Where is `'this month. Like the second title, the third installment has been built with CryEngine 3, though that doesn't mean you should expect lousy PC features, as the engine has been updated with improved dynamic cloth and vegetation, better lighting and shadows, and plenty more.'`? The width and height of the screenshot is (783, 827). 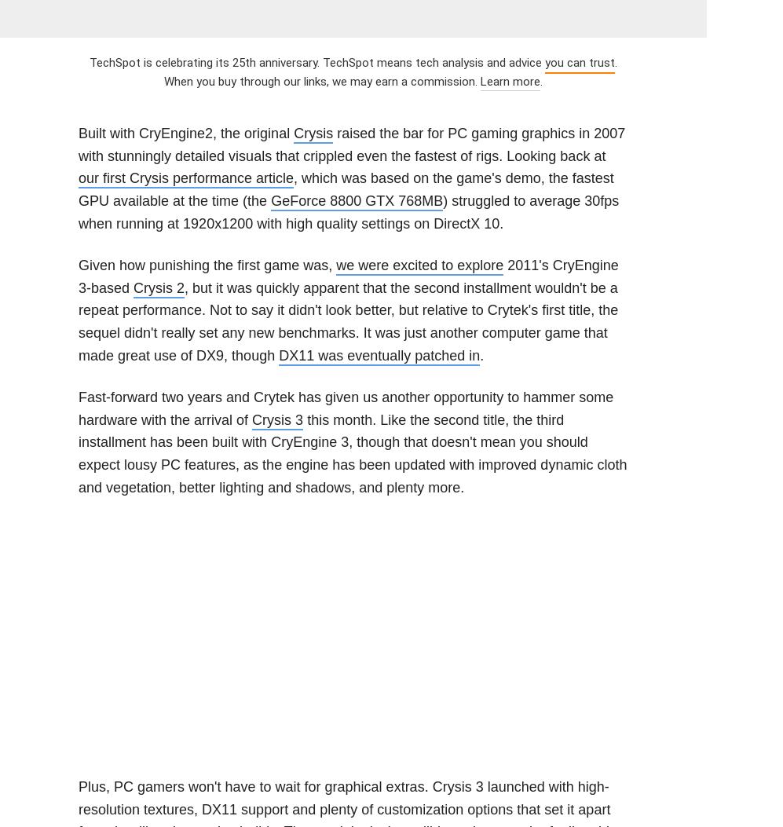 'this month. Like the second title, the third installment has been built with CryEngine 3, though that doesn't mean you should expect lousy PC features, as the engine has been updated with improved dynamic cloth and vegetation, better lighting and shadows, and plenty more.' is located at coordinates (352, 453).